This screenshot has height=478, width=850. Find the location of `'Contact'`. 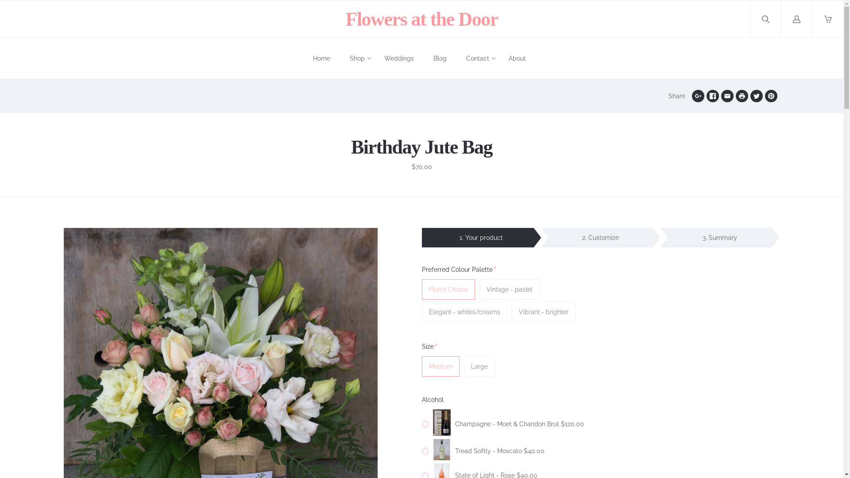

'Contact' is located at coordinates (477, 58).